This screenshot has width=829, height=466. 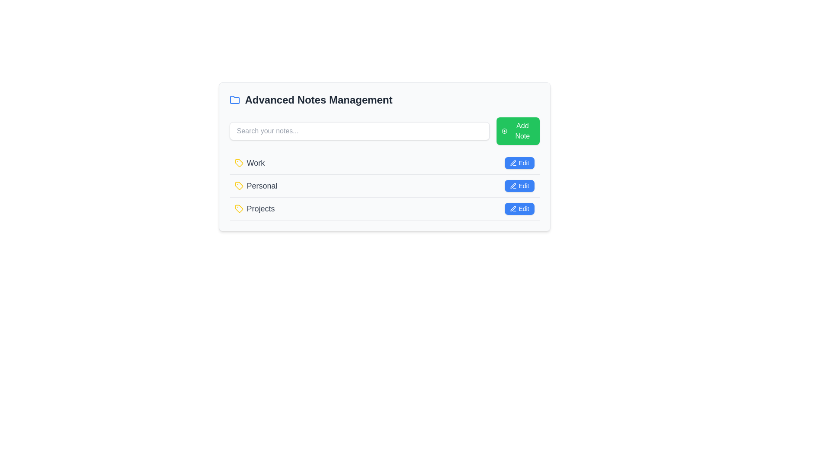 What do you see at coordinates (519, 208) in the screenshot?
I see `the blue 'Edit' button with a pen icon located at the top right of the 'Projects' row` at bounding box center [519, 208].